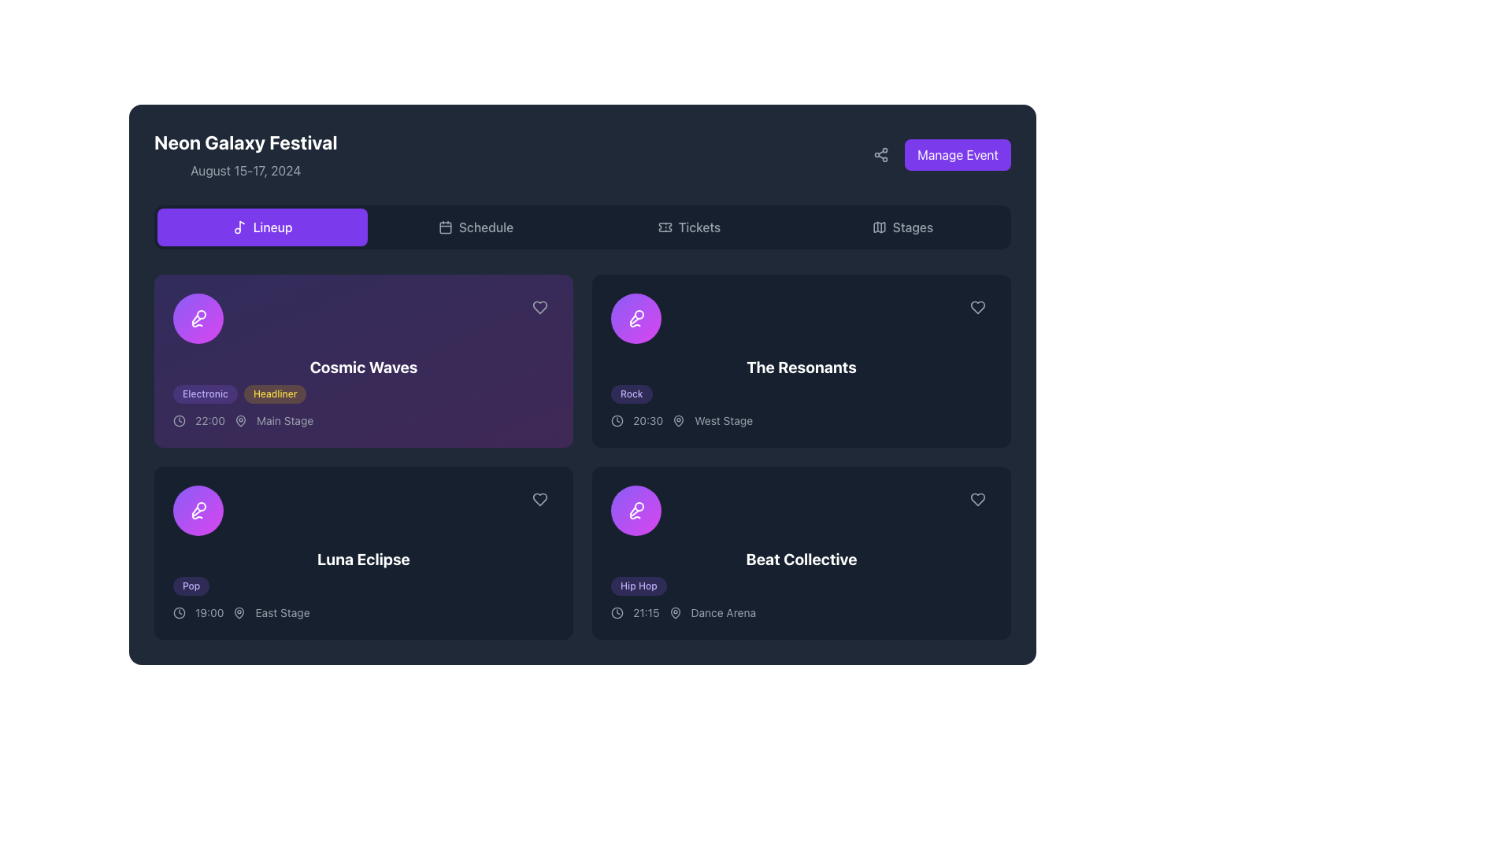 This screenshot has width=1512, height=850. What do you see at coordinates (239, 612) in the screenshot?
I see `the map marker icon, which is styled as a dark gray outline of a map pin located to the left of the 'East Stage' text in the event details for 'Luna Eclipse'` at bounding box center [239, 612].